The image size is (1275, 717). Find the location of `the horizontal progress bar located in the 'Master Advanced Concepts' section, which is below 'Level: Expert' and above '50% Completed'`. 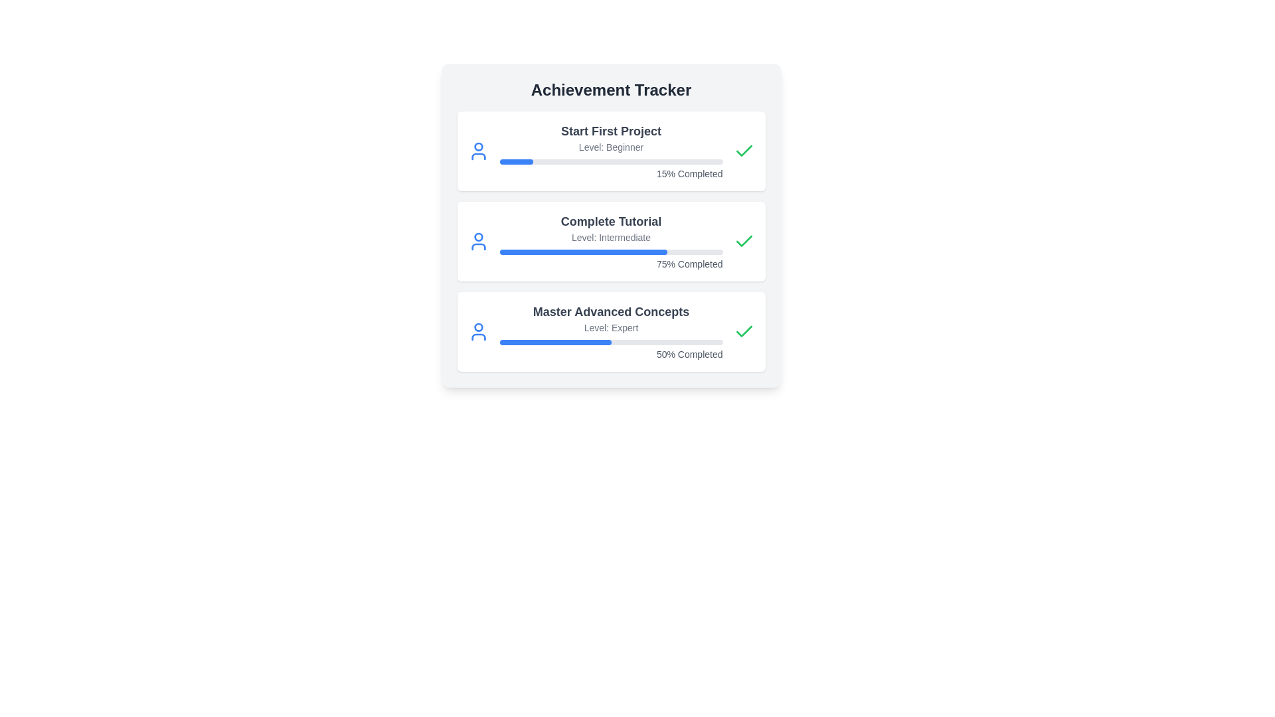

the horizontal progress bar located in the 'Master Advanced Concepts' section, which is below 'Level: Expert' and above '50% Completed' is located at coordinates (610, 342).